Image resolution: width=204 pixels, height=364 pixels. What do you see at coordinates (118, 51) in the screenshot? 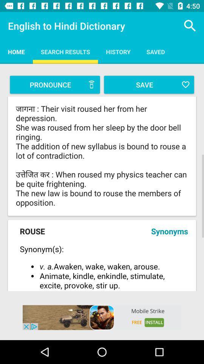
I see `text history` at bounding box center [118, 51].